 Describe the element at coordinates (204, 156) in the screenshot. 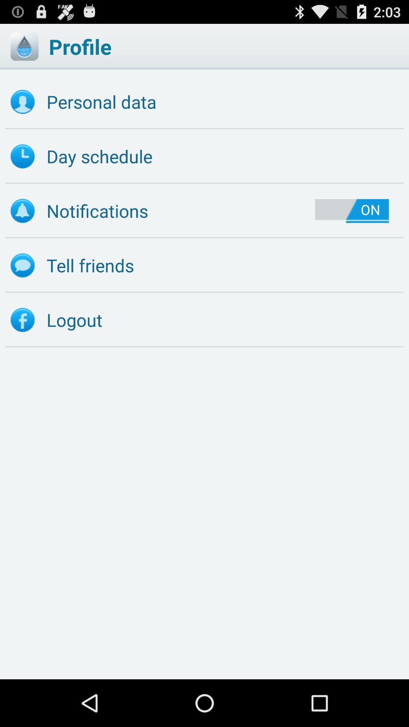

I see `button below personal data button` at that location.